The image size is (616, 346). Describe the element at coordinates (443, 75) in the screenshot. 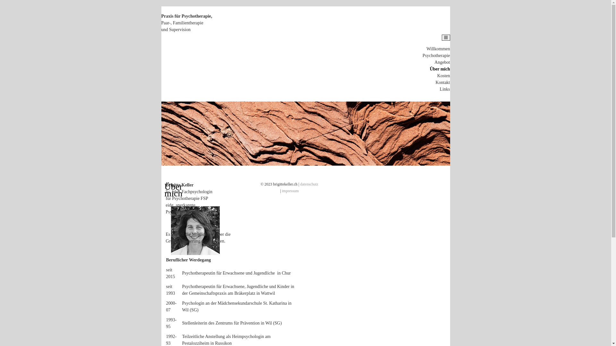

I see `'Kosten'` at that location.